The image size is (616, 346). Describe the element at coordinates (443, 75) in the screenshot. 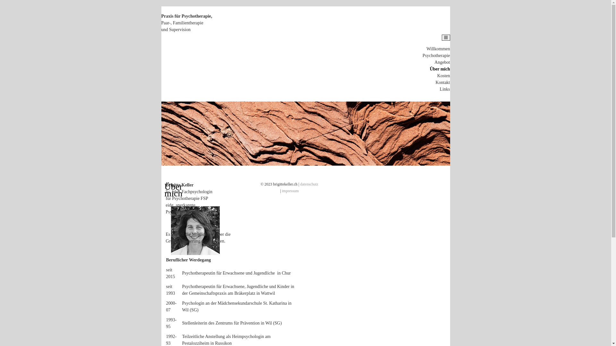

I see `'Kosten'` at that location.